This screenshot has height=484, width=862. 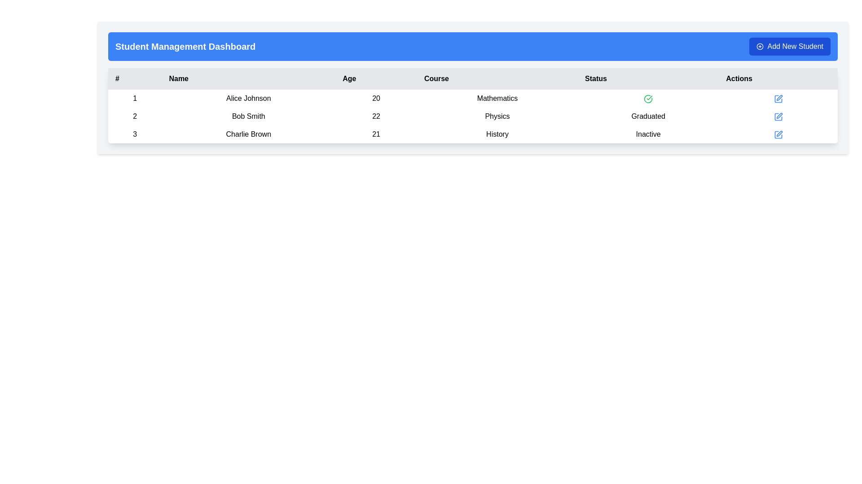 I want to click on the edit icon button in the 'Actions' column for the student named 'Bob Smith', so click(x=779, y=98).